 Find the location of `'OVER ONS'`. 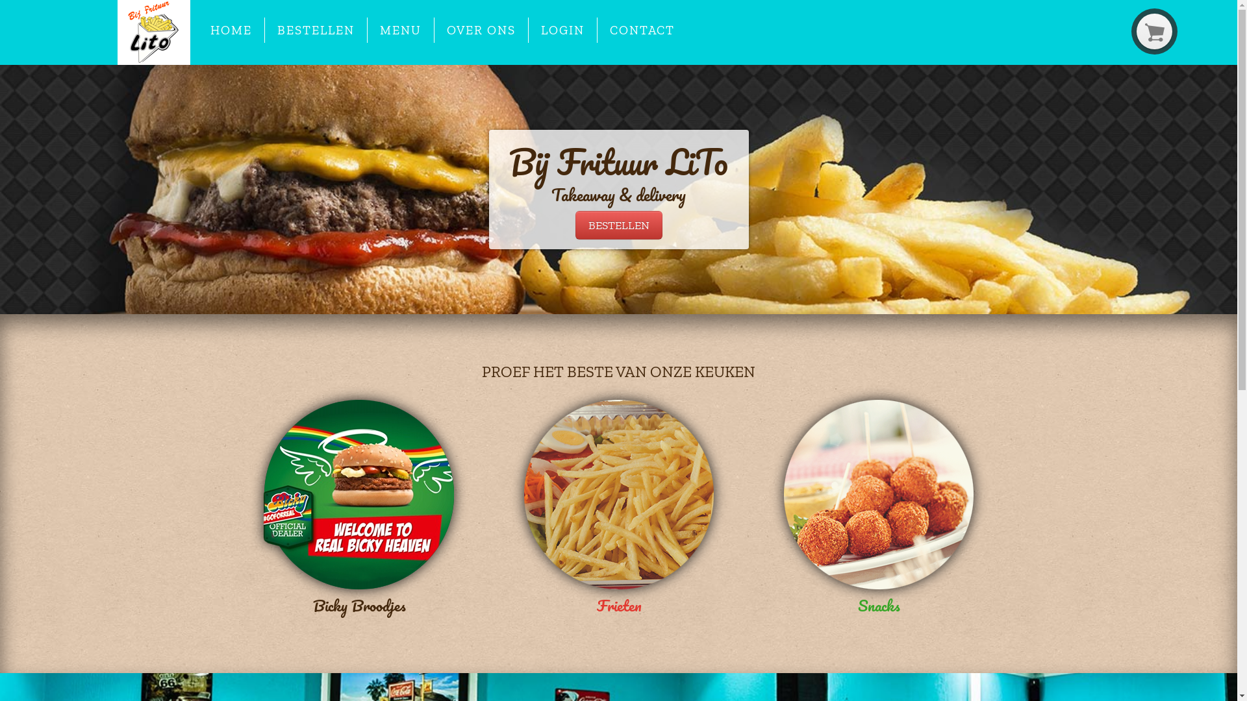

'OVER ONS' is located at coordinates (480, 29).